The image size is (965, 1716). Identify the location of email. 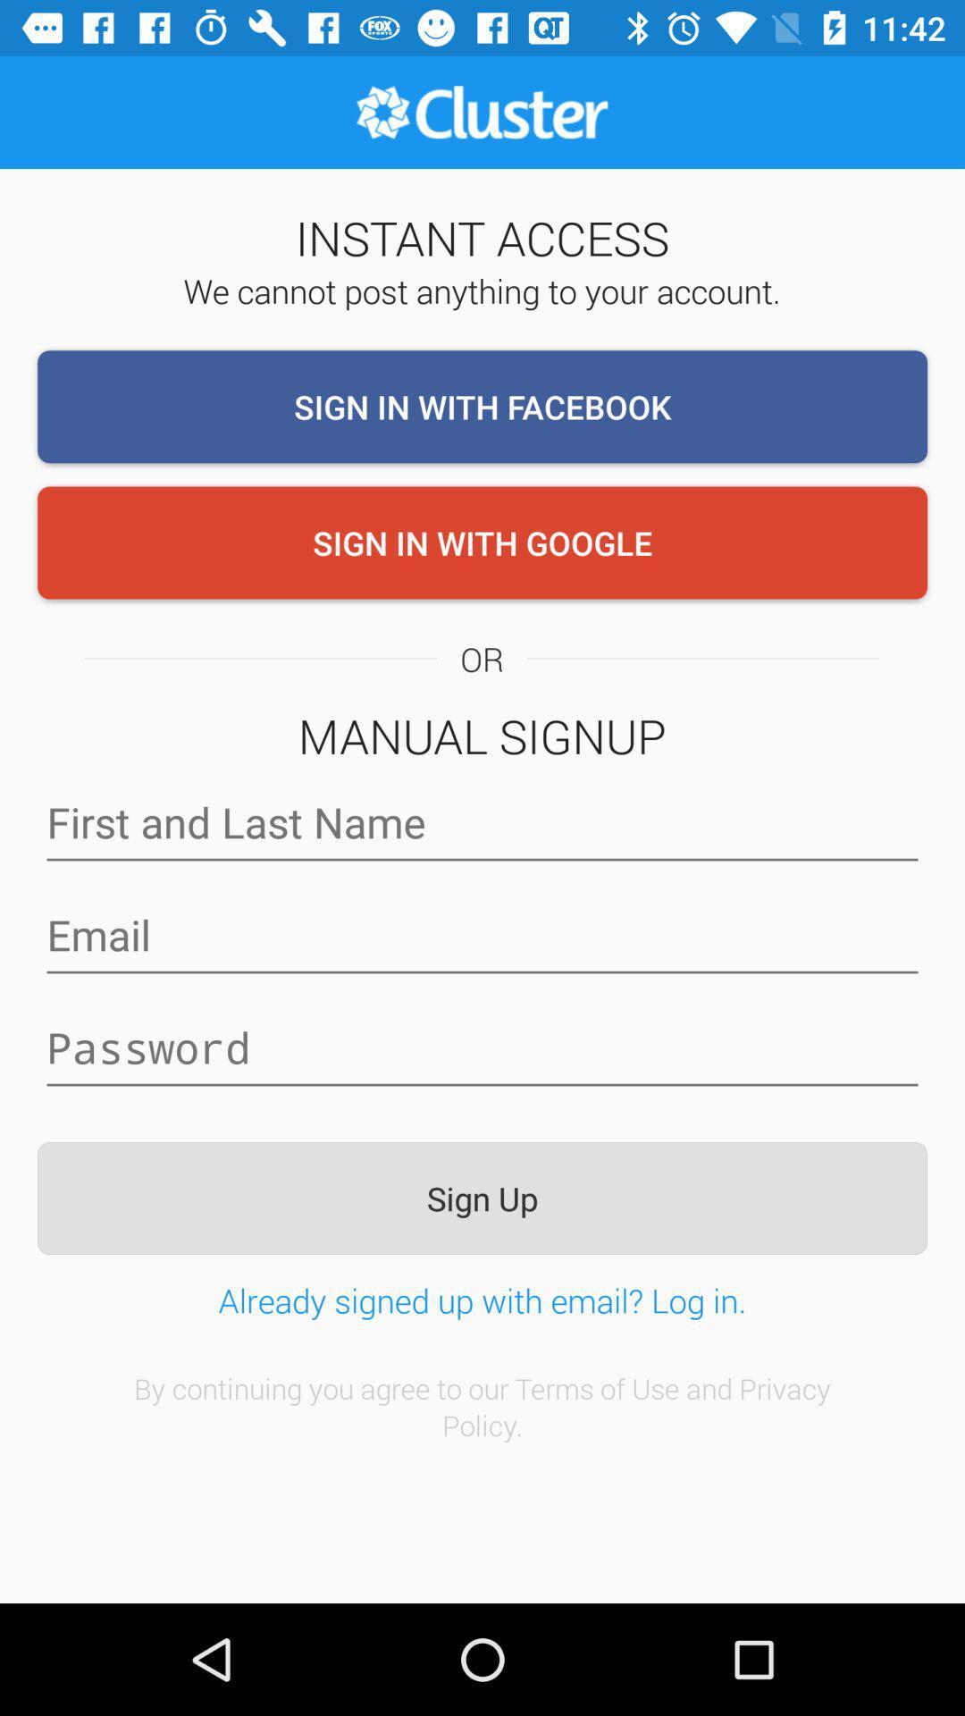
(482, 934).